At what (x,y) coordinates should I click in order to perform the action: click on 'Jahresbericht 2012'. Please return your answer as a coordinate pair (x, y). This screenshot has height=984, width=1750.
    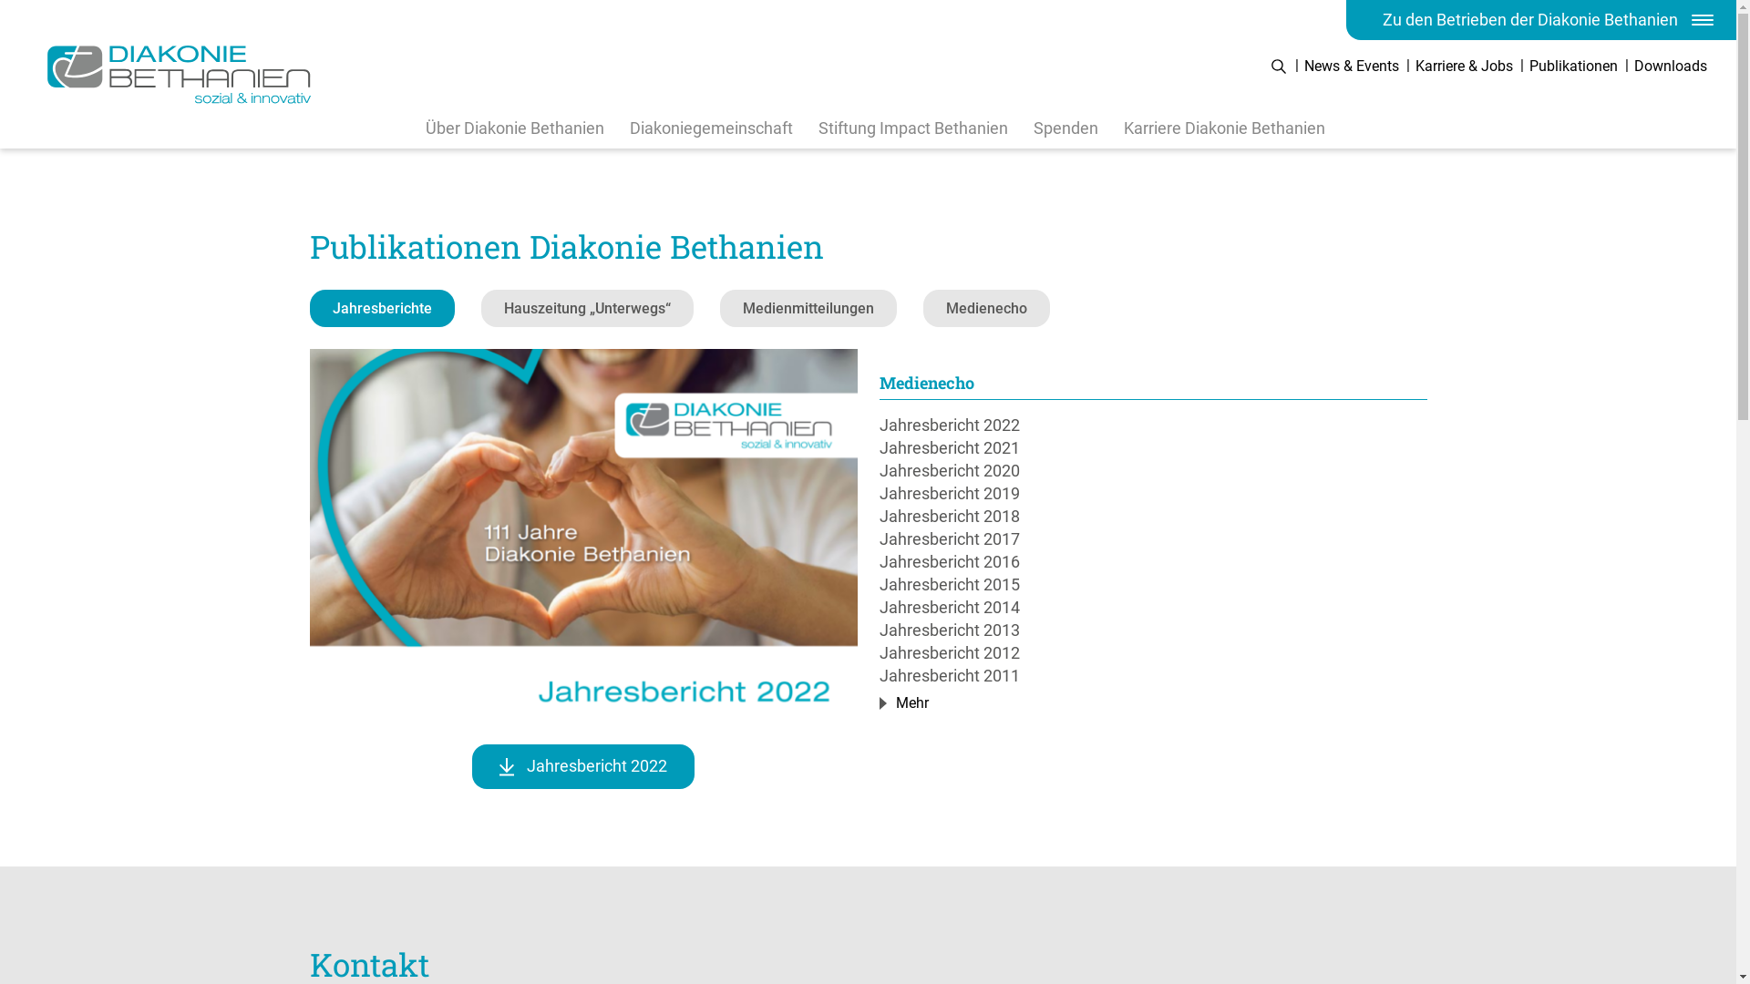
    Looking at the image, I should click on (1151, 651).